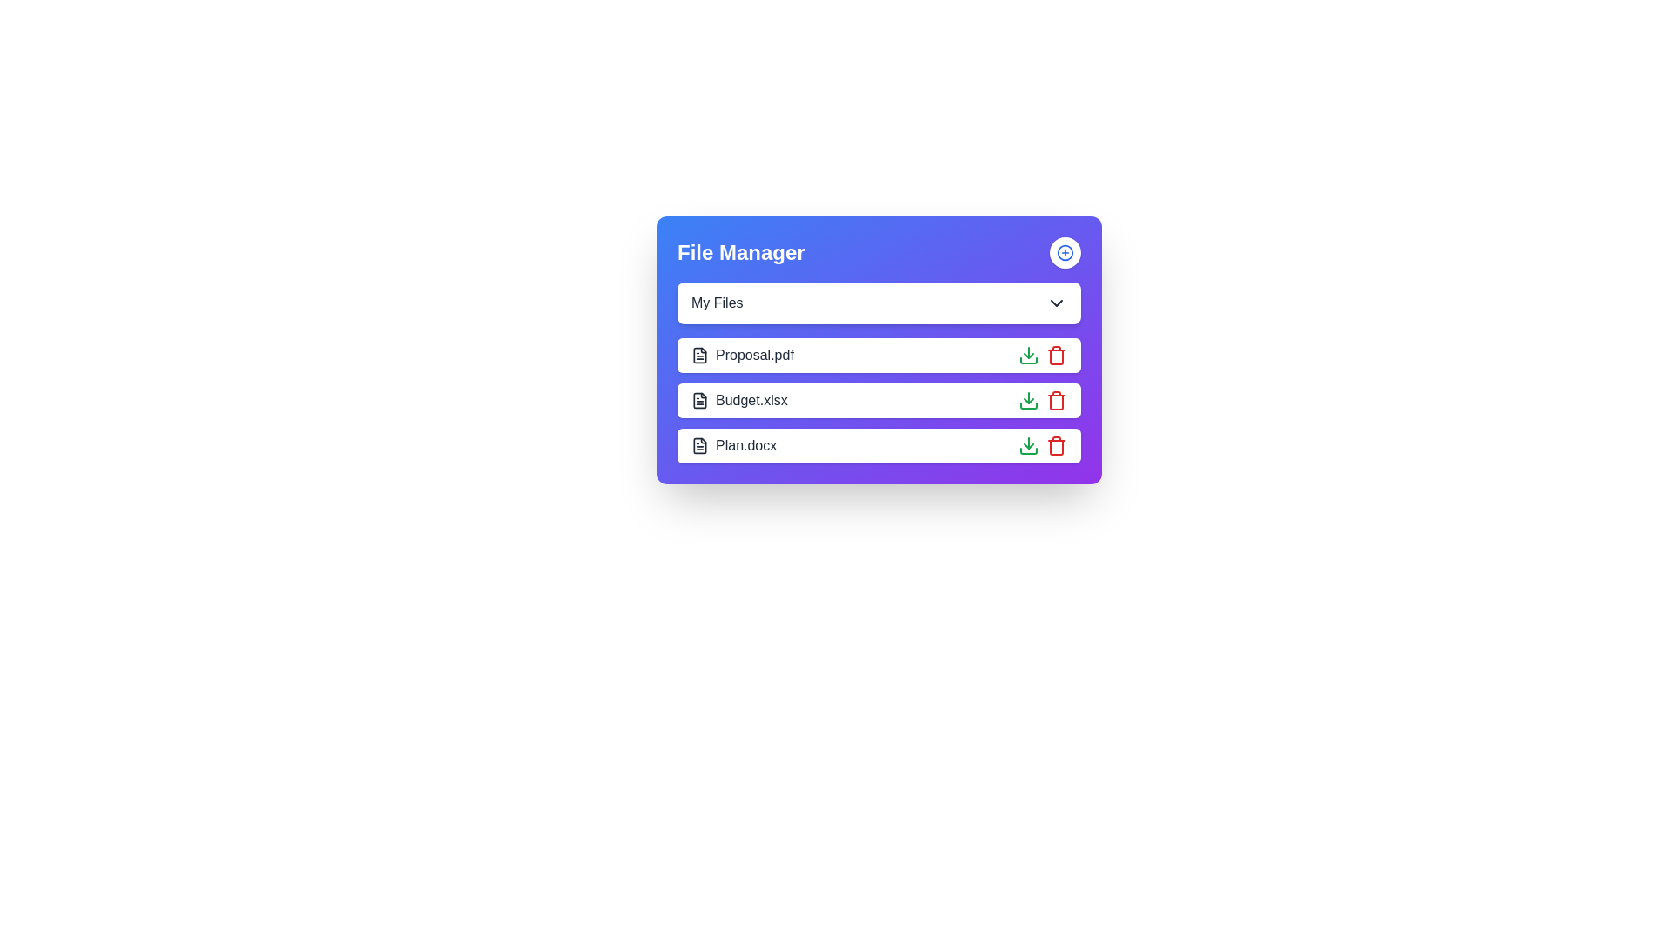 The image size is (1670, 939). Describe the element at coordinates (700, 354) in the screenshot. I see `the file icon representing a text document, which is styled with an outlined design and is located next to the text 'Proposal.pdf'` at that location.